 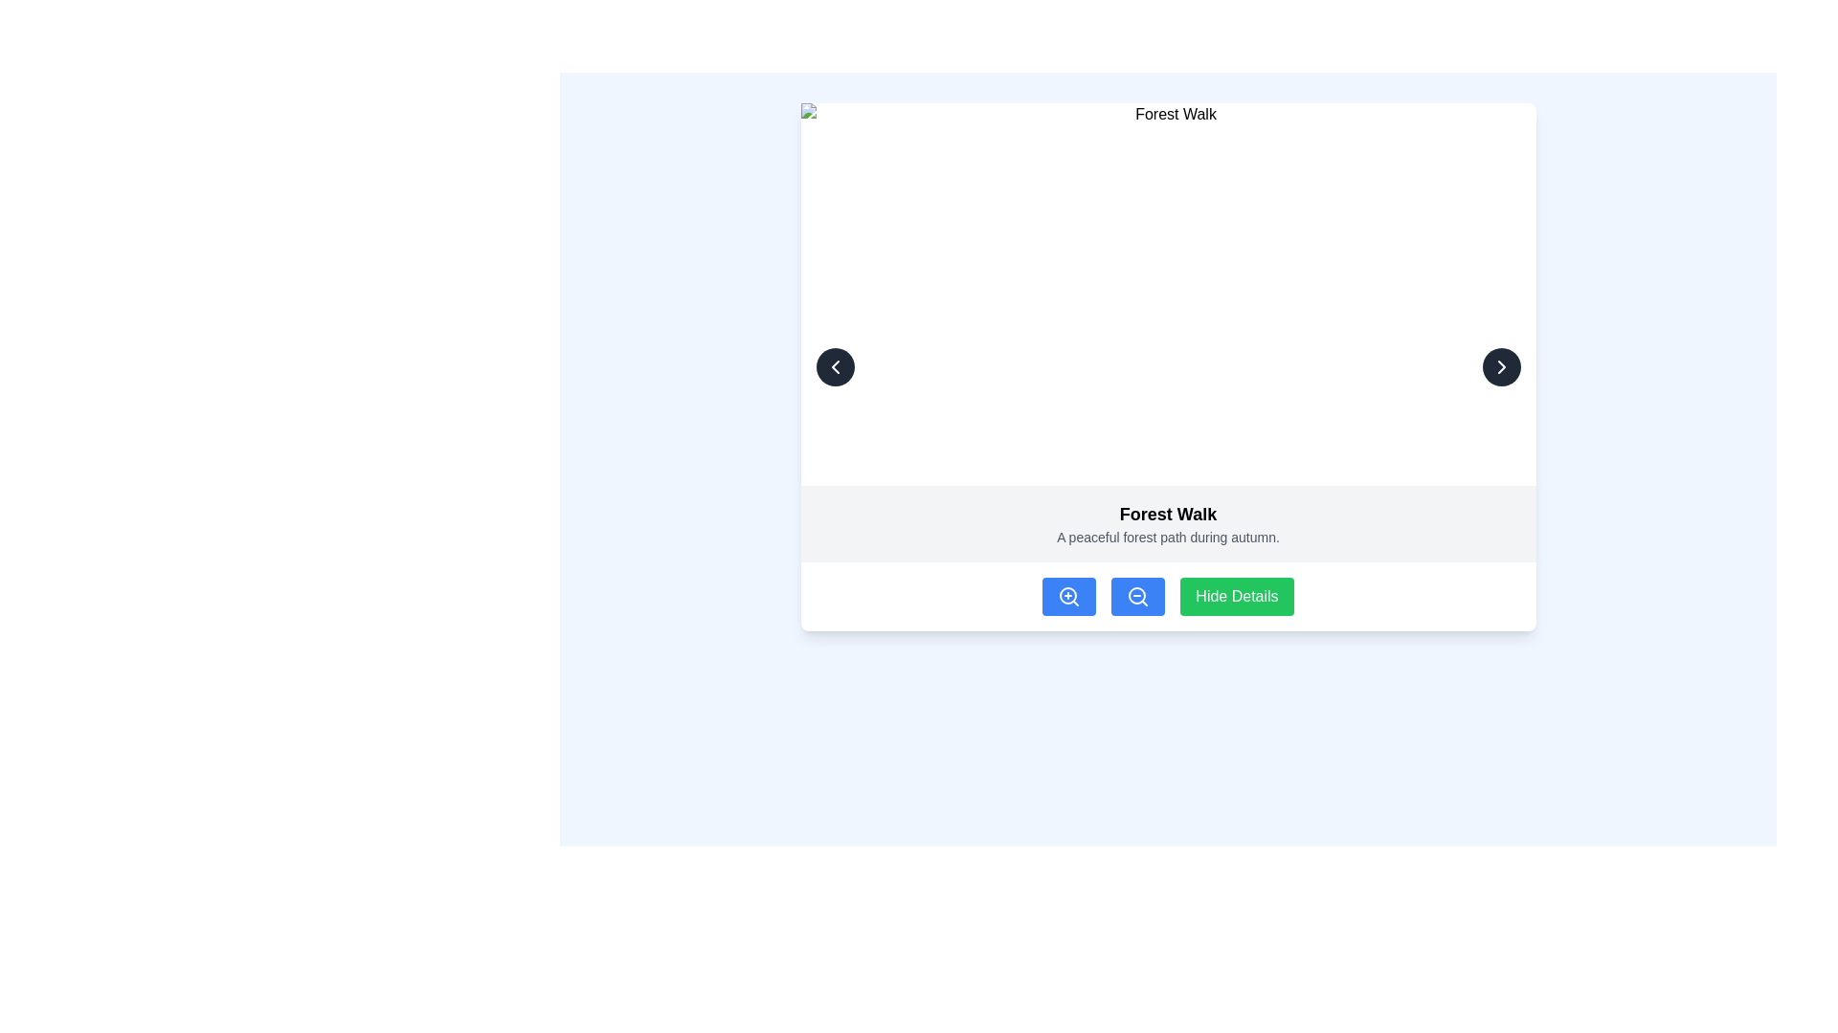 I want to click on the green rectangular button labeled 'Hide Details', so click(x=1237, y=596).